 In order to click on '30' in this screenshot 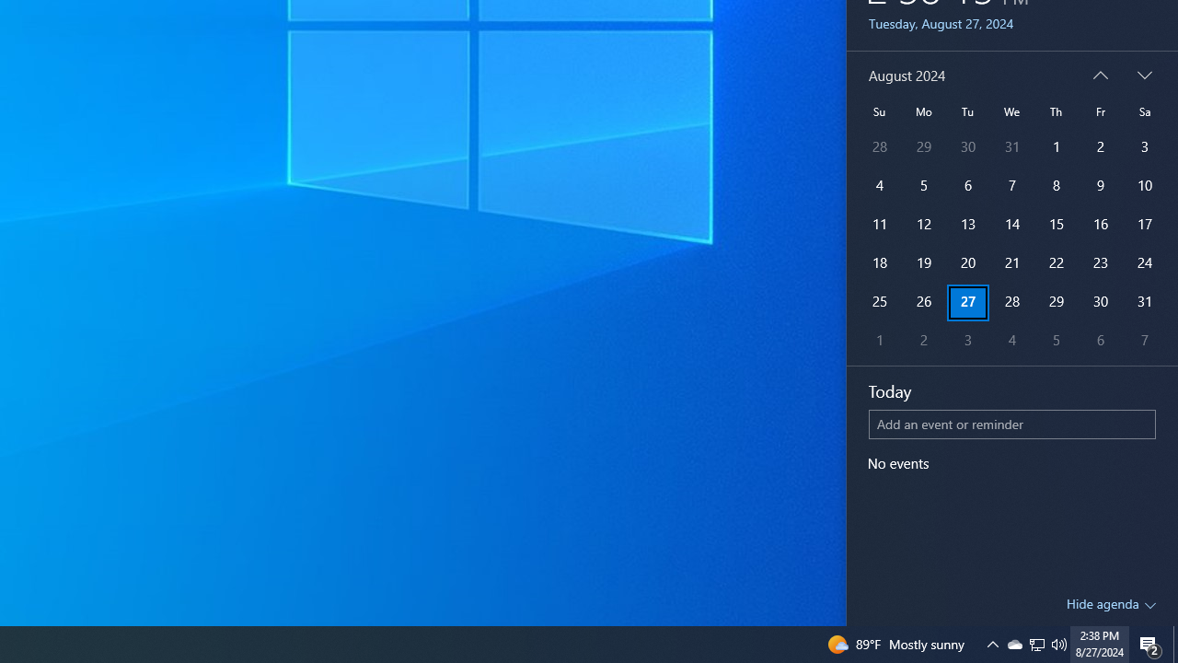, I will do `click(1100, 302)`.